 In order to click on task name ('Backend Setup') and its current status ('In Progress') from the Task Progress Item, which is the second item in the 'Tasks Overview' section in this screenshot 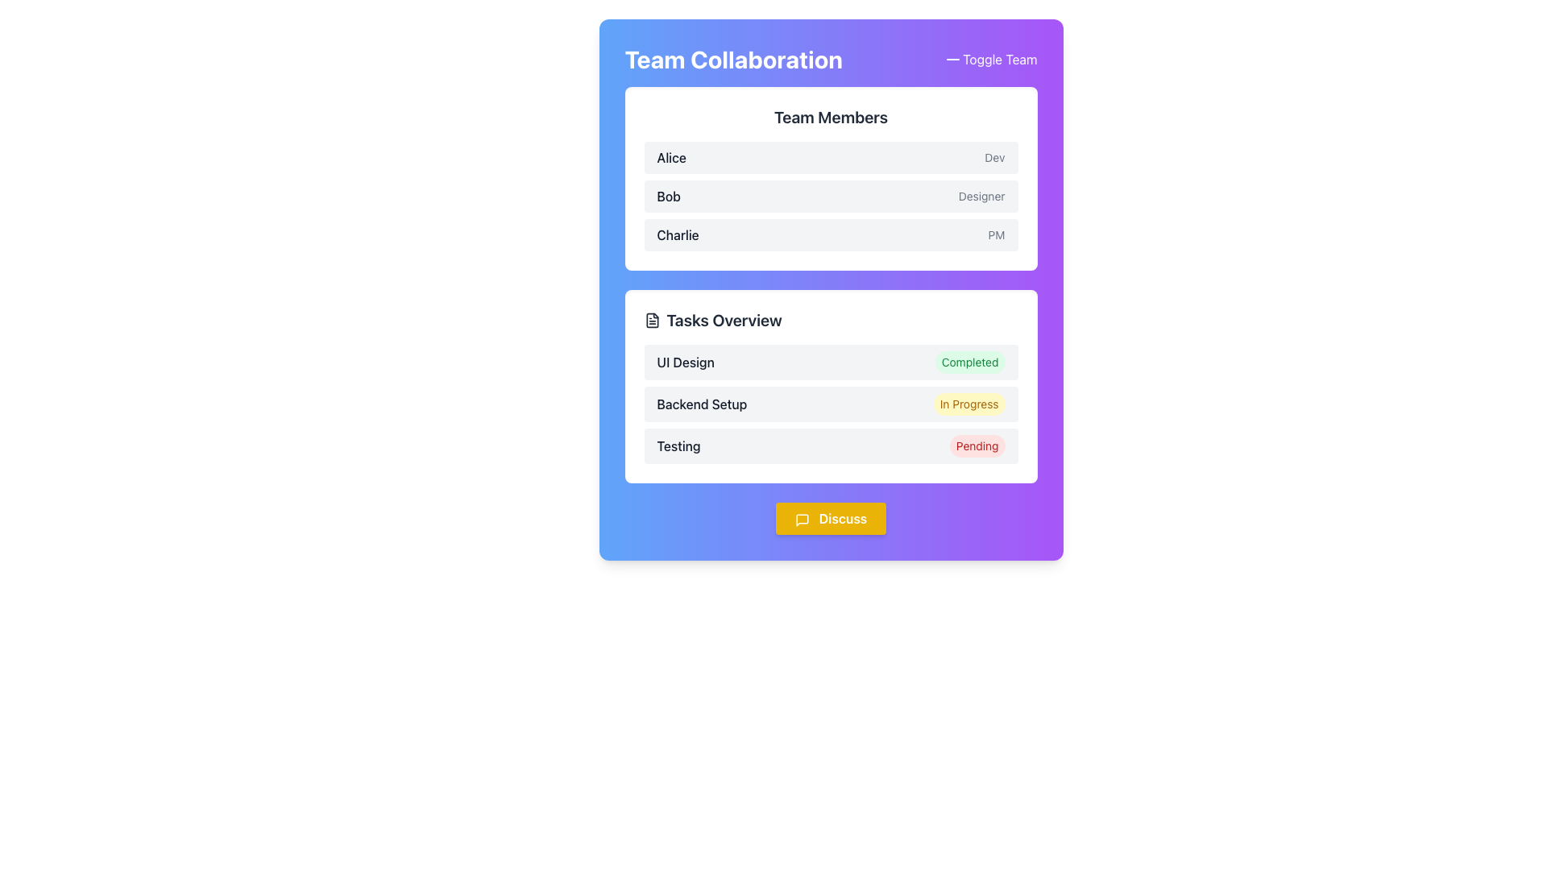, I will do `click(831, 403)`.